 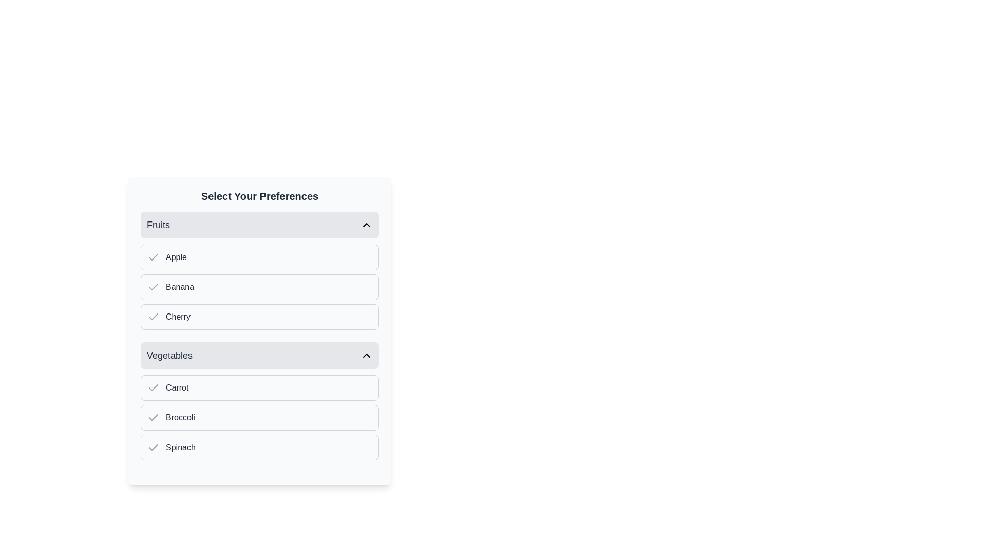 What do you see at coordinates (153, 418) in the screenshot?
I see `the checkmark icon indicating that 'Broccoli' is chosen, located to the left of the text label under the 'Vegetables' category` at bounding box center [153, 418].